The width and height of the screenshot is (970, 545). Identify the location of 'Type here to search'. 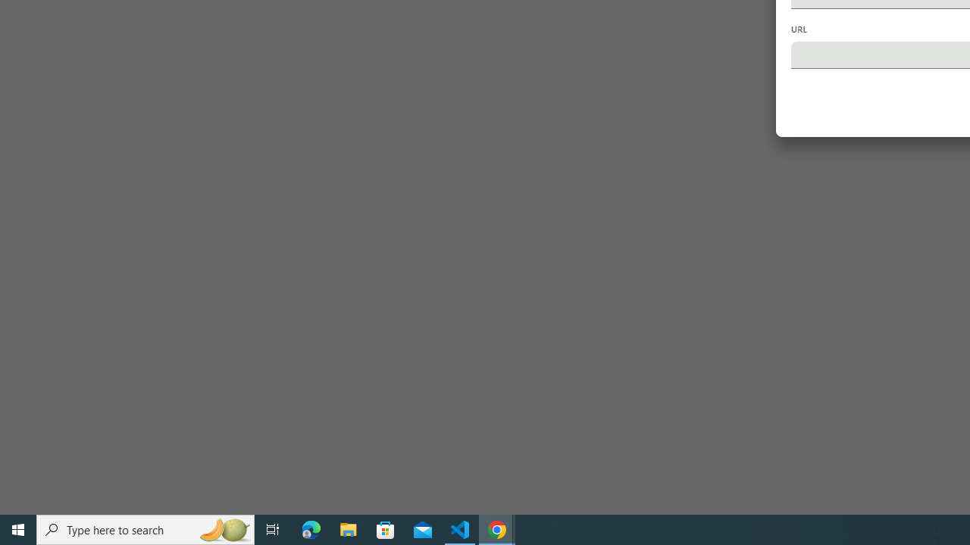
(145, 528).